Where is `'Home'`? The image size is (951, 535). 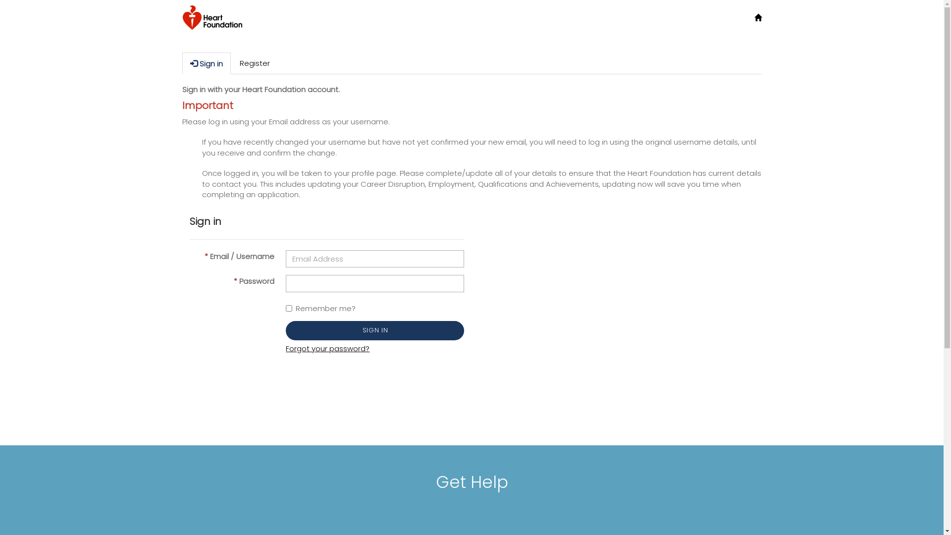 'Home' is located at coordinates (757, 17).